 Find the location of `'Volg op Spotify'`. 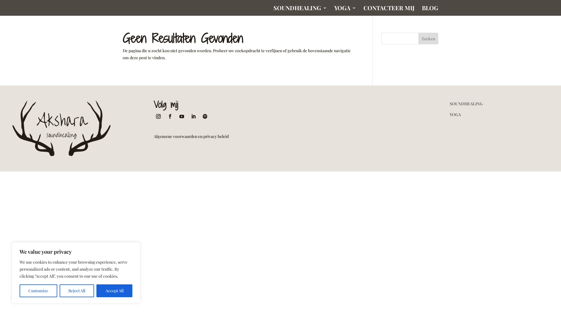

'Volg op Spotify' is located at coordinates (205, 116).